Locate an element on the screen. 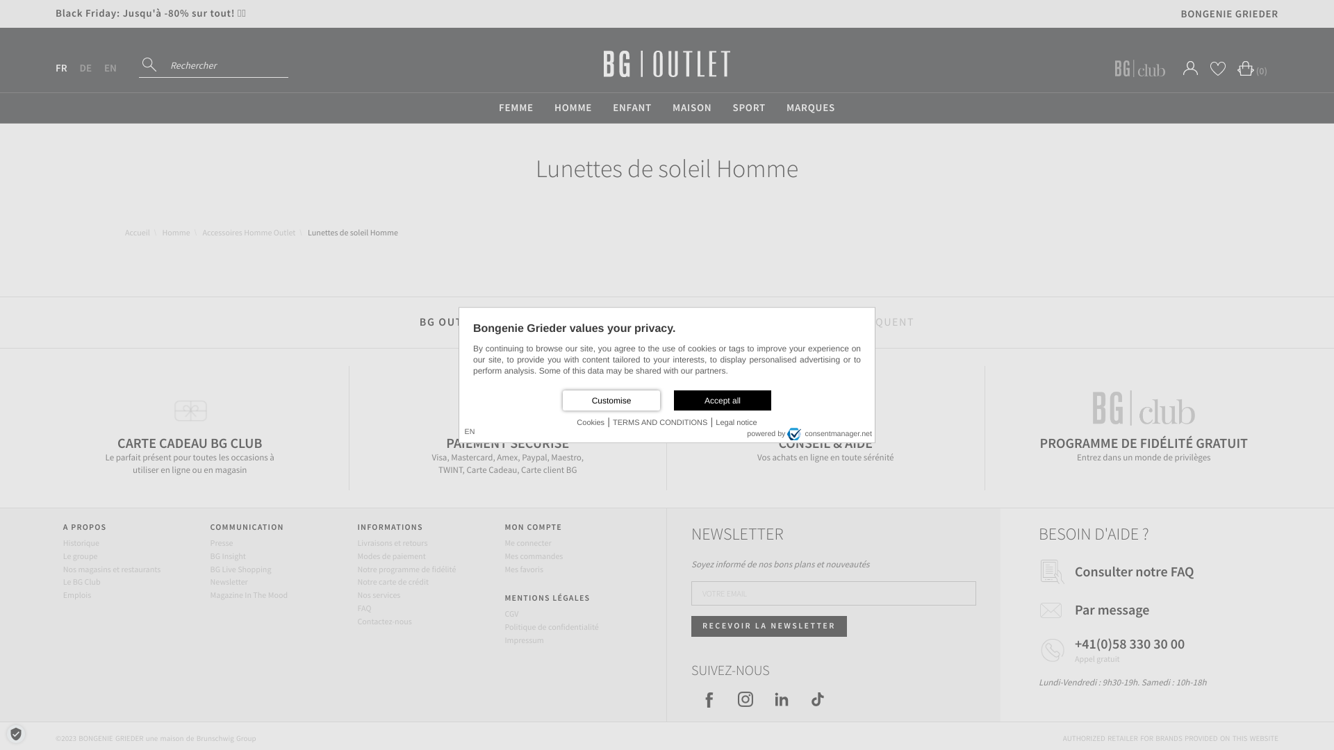 The width and height of the screenshot is (1334, 750). 'Privacy settings' is located at coordinates (9, 733).